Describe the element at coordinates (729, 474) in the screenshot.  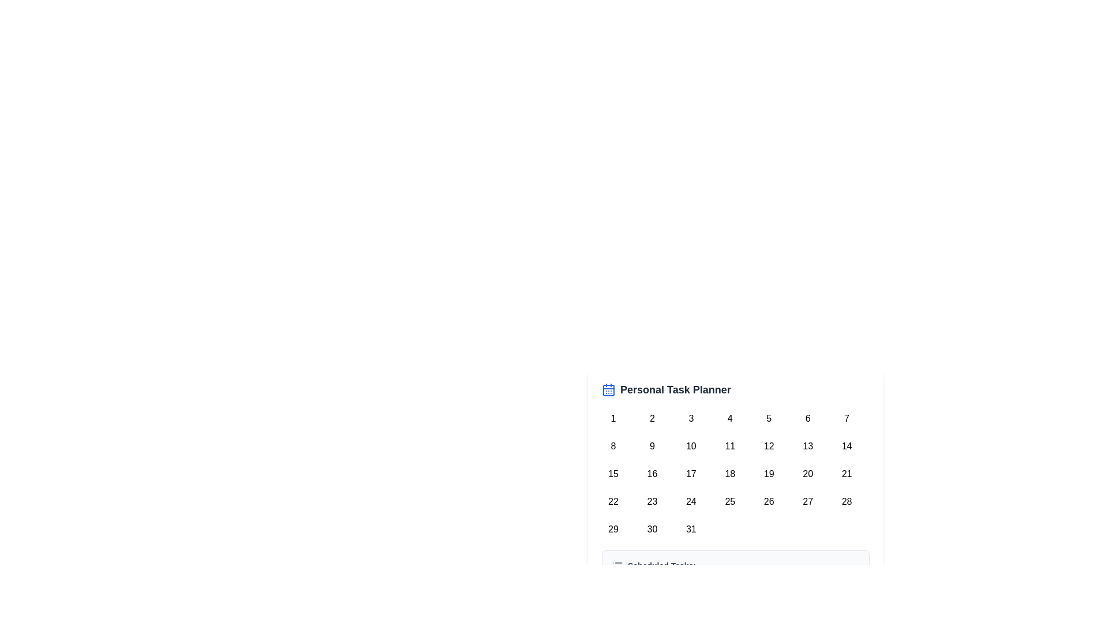
I see `the circular button displaying the number '18' in a calendar interface` at that location.